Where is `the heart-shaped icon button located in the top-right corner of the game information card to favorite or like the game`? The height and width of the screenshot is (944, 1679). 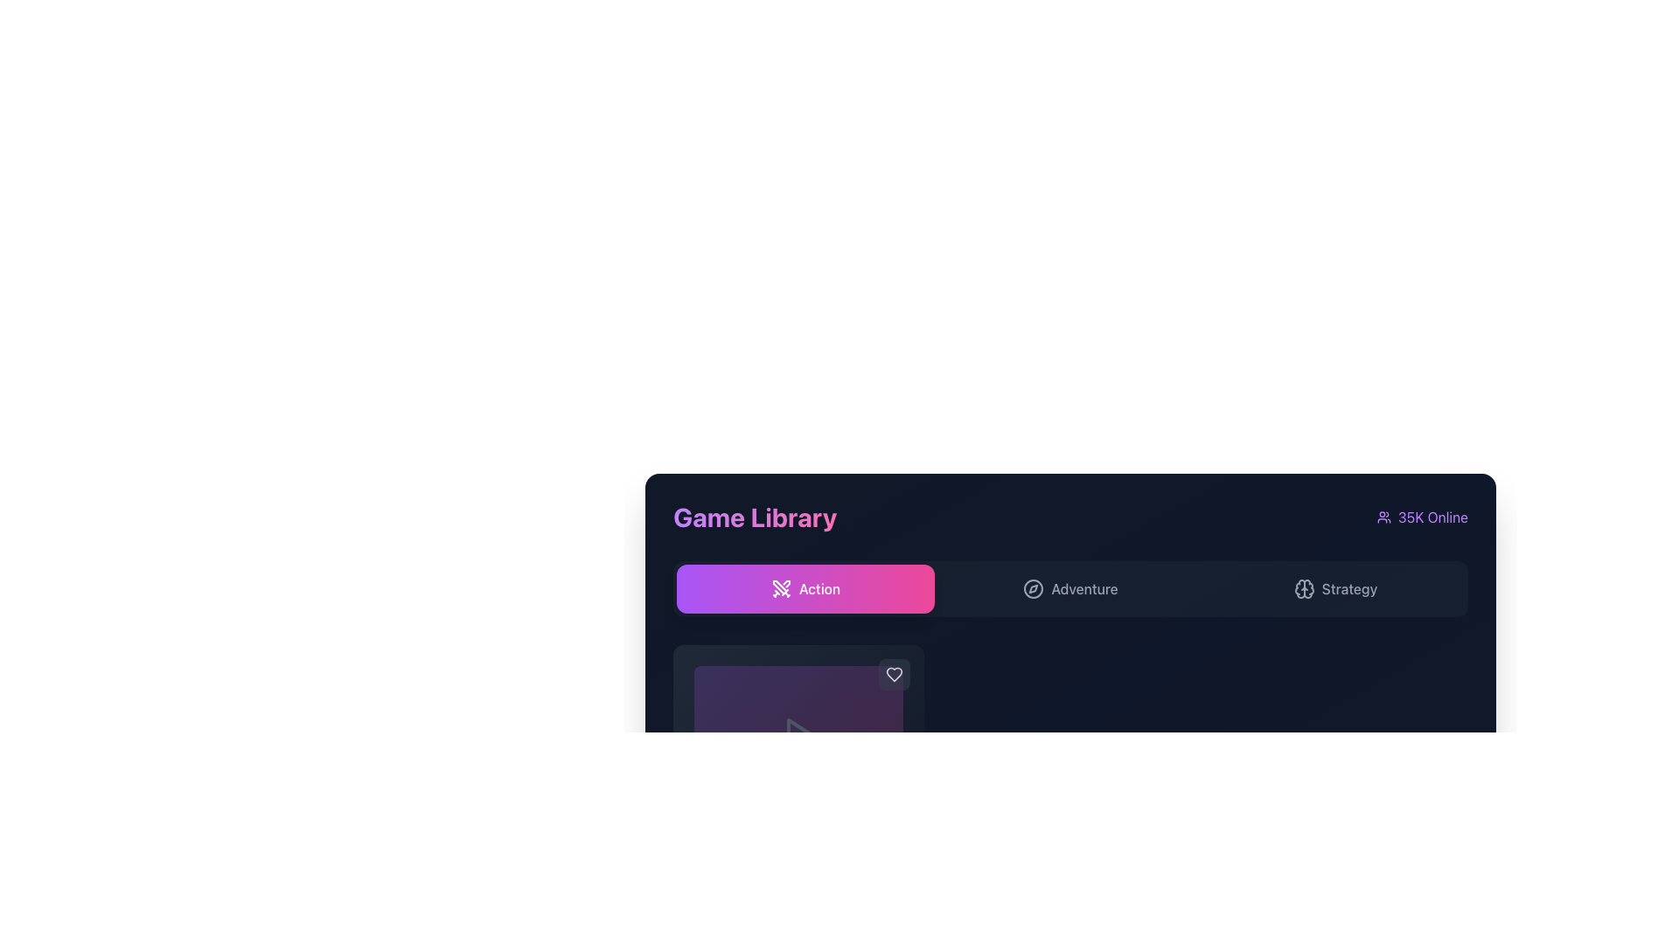 the heart-shaped icon button located in the top-right corner of the game information card to favorite or like the game is located at coordinates (894, 673).